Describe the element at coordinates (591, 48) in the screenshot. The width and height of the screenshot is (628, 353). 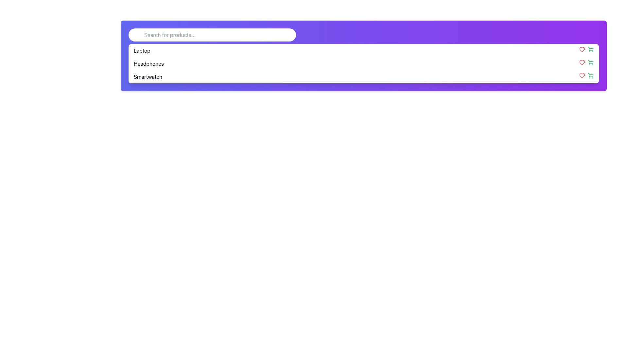
I see `the body section of the shopping cart icon, which is recognizable by its green outline and located at the far right of a horizontal list of icons` at that location.